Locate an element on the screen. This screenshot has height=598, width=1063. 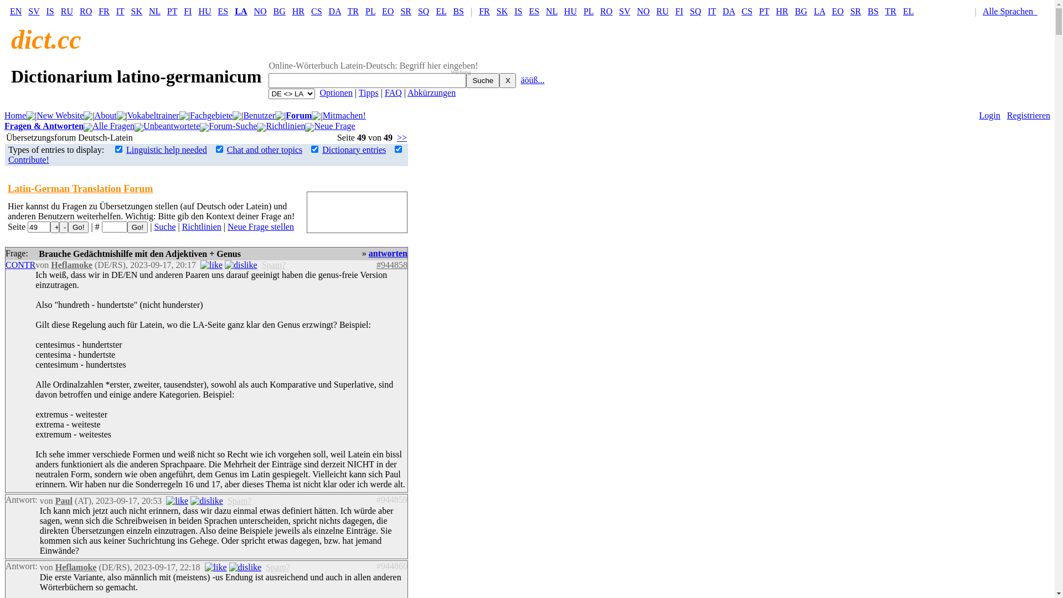
'Spam?' is located at coordinates (278, 567).